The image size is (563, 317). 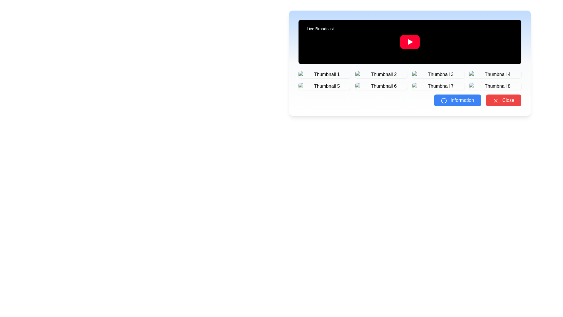 I want to click on the second button in the row at the bottom of the panel, located to the right of the 'Information' button, so click(x=503, y=100).